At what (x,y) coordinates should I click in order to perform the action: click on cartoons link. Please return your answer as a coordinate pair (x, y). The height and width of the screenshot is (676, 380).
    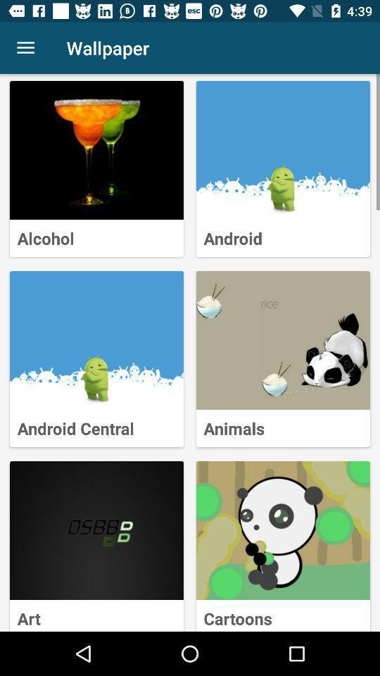
    Looking at the image, I should click on (283, 530).